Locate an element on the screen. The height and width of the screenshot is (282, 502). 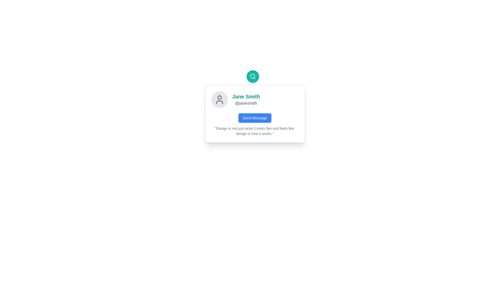
the standalone search or expand button located at the center-top of the profile card is located at coordinates (253, 77).